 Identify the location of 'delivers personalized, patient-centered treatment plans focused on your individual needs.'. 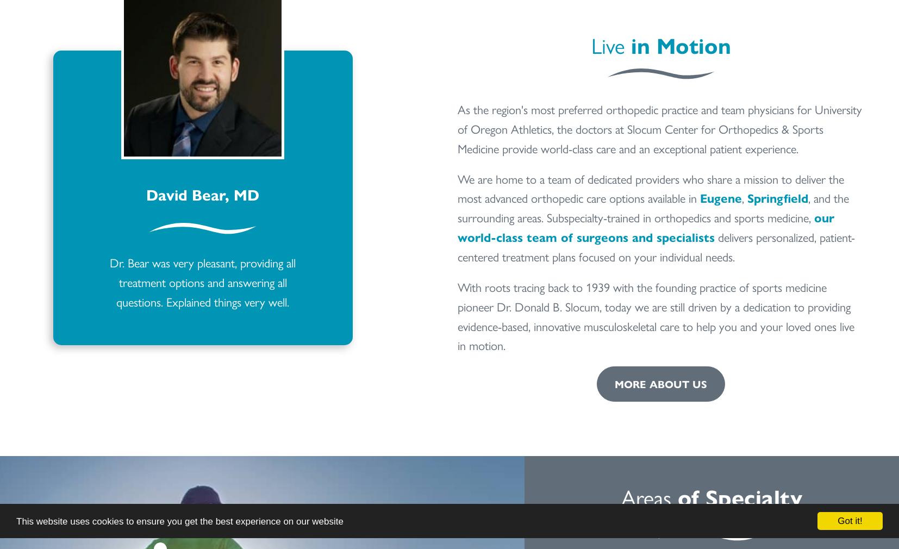
(655, 246).